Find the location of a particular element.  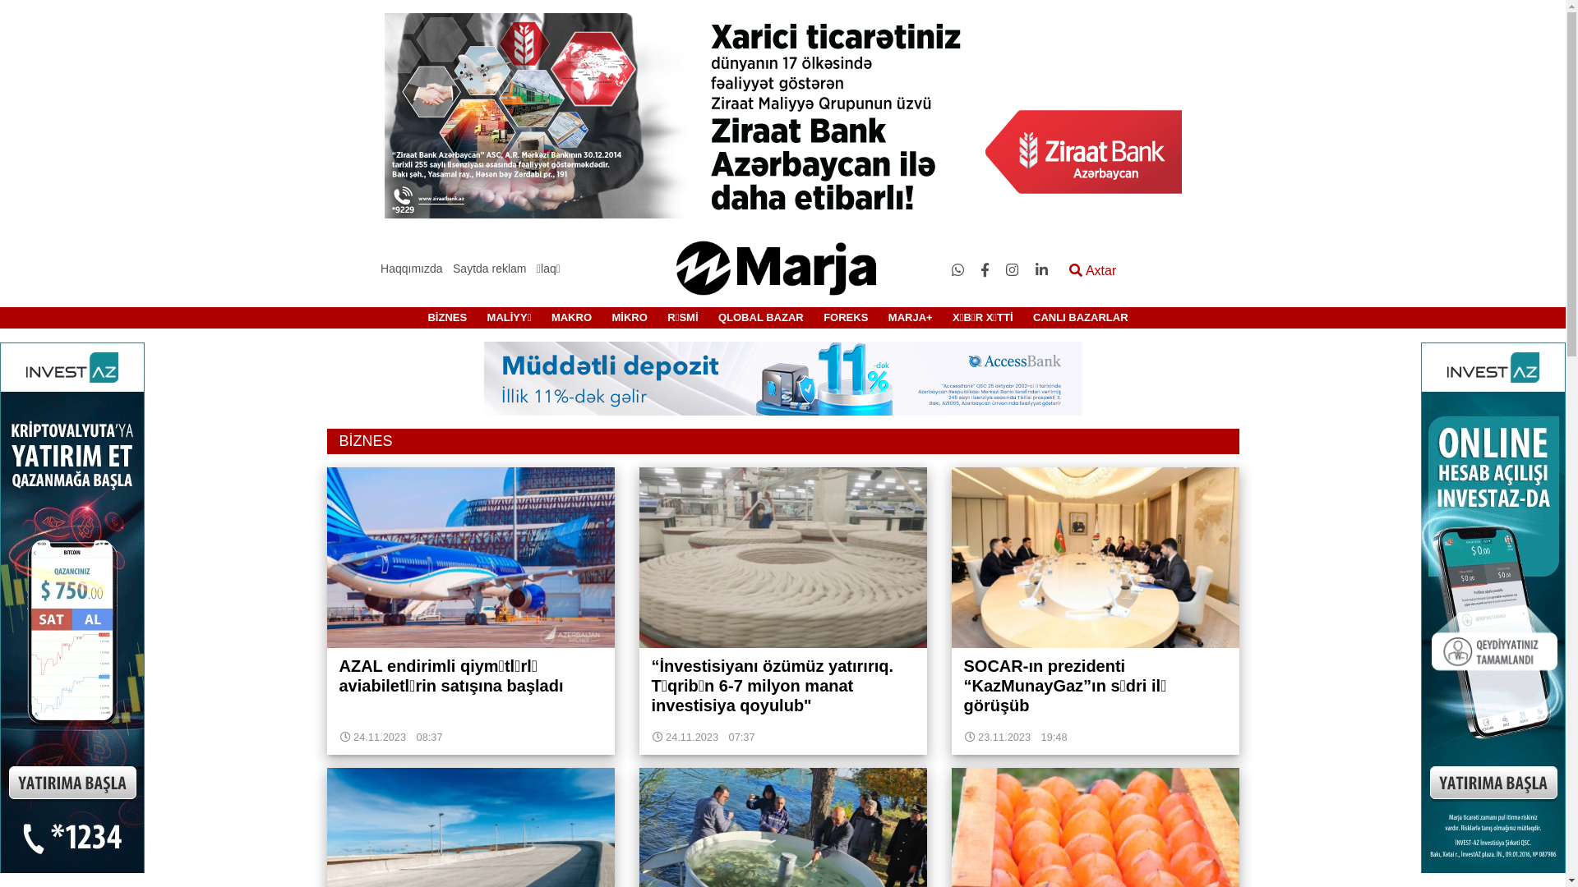

'FOREKS' is located at coordinates (845, 317).